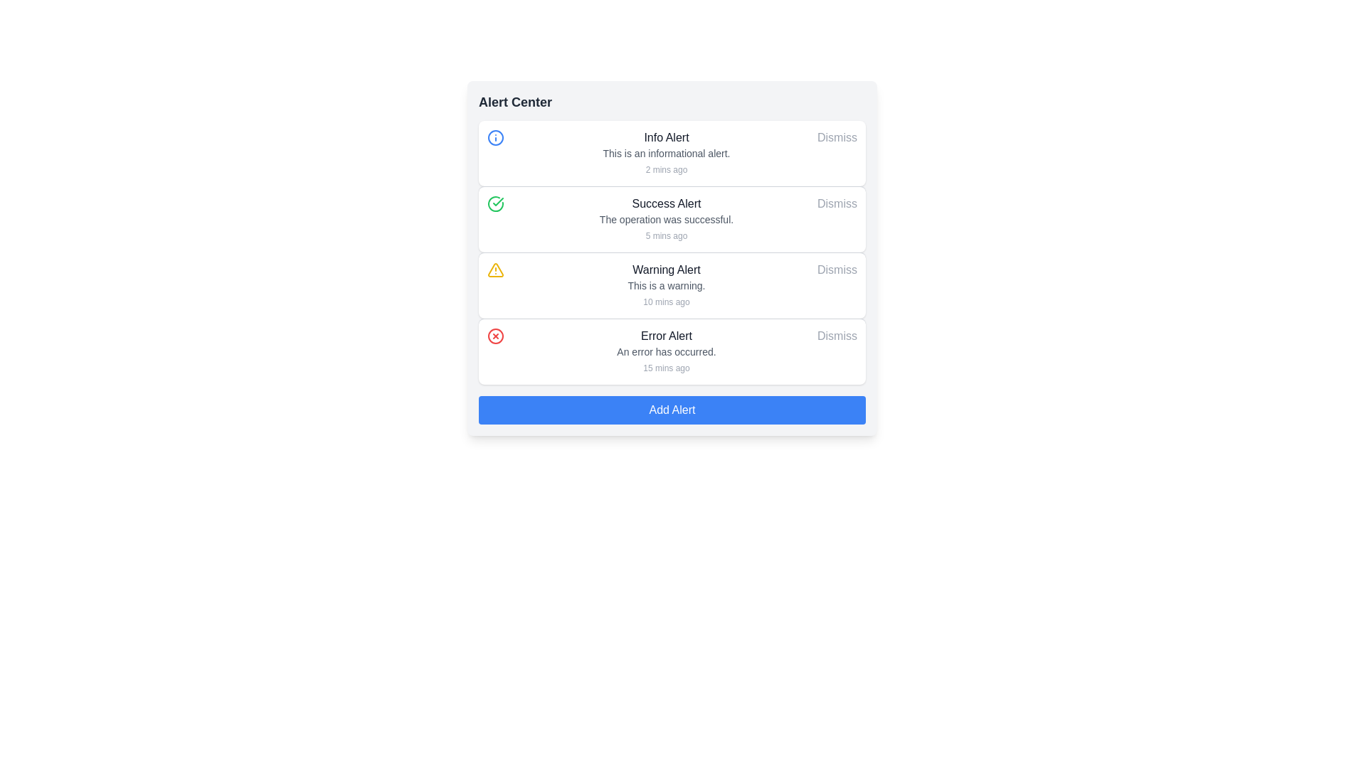 Image resolution: width=1366 pixels, height=768 pixels. What do you see at coordinates (672, 154) in the screenshot?
I see `alert message and timestamp from the first alert notification at the top of the 'Alert Center', which includes 'Info Alert', 'This is an informational alert.', and '2 mins ago'` at bounding box center [672, 154].